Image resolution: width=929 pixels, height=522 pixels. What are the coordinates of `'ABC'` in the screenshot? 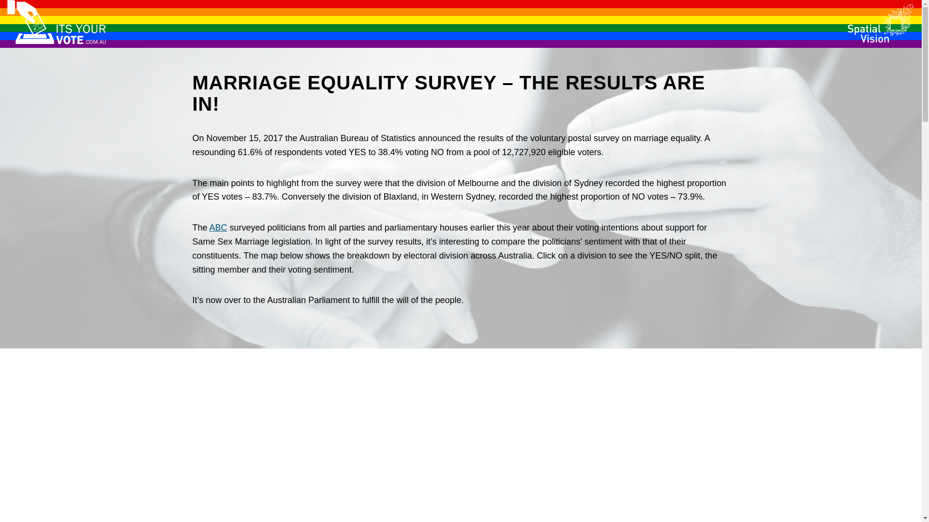 It's located at (218, 227).